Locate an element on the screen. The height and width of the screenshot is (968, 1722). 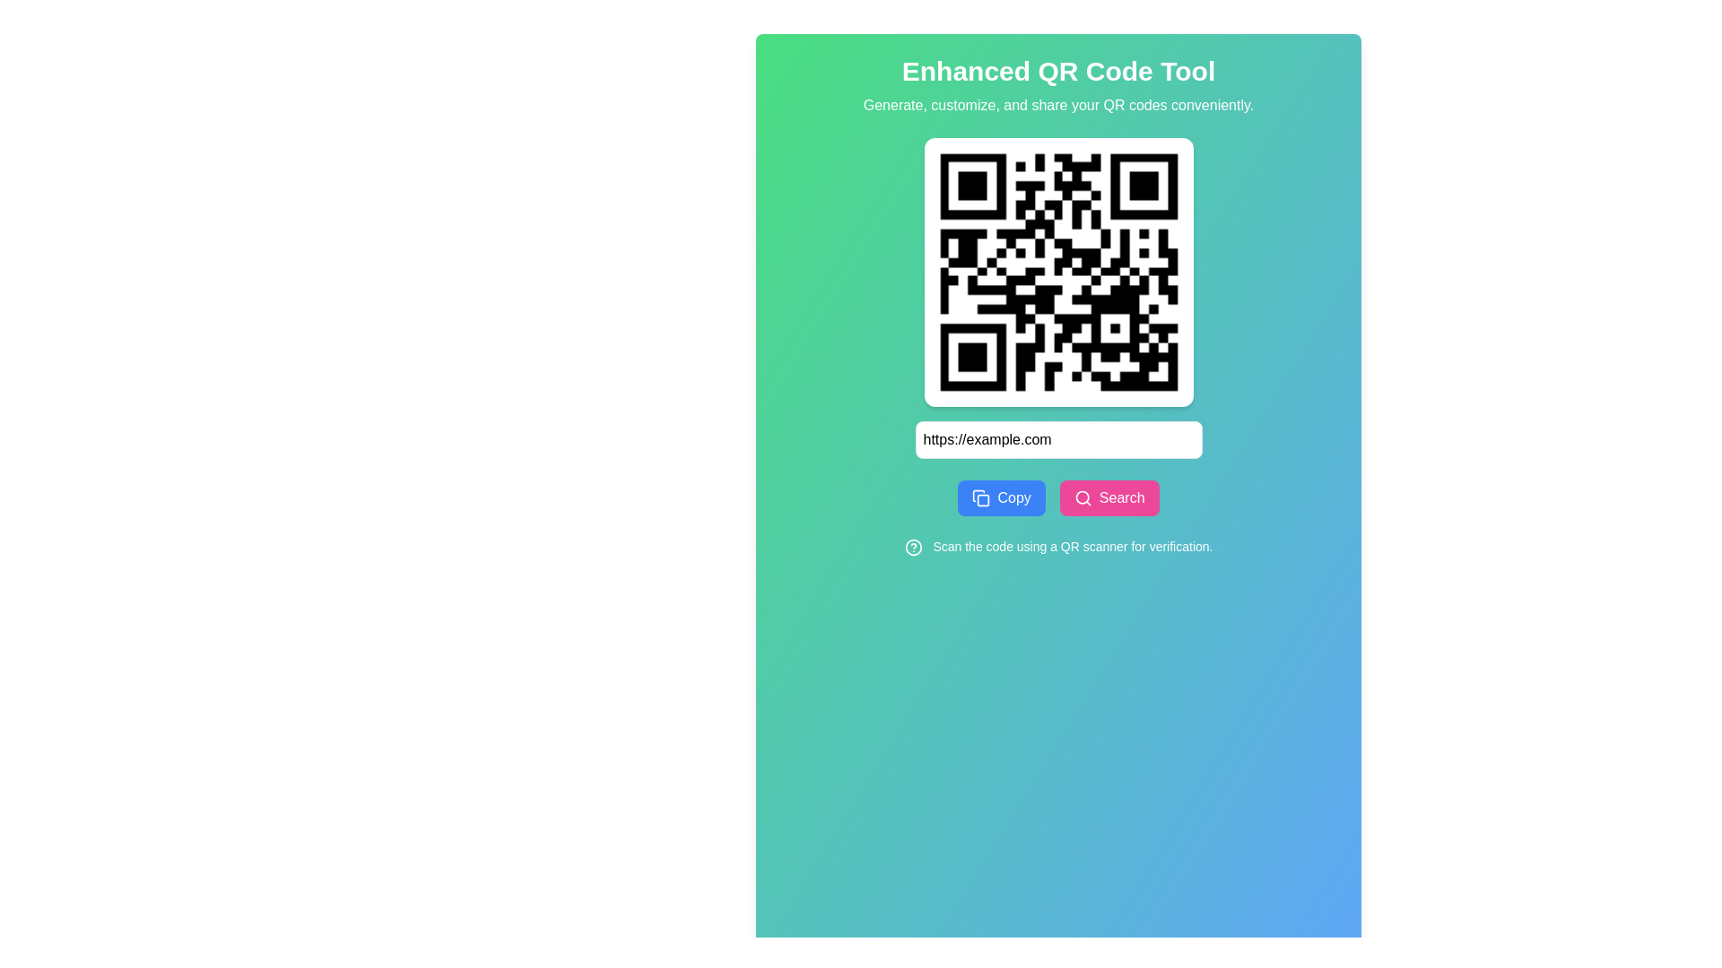
the 'Copy' button icon, which resembles two overlapping rectangles, to copy the text is located at coordinates (980, 497).